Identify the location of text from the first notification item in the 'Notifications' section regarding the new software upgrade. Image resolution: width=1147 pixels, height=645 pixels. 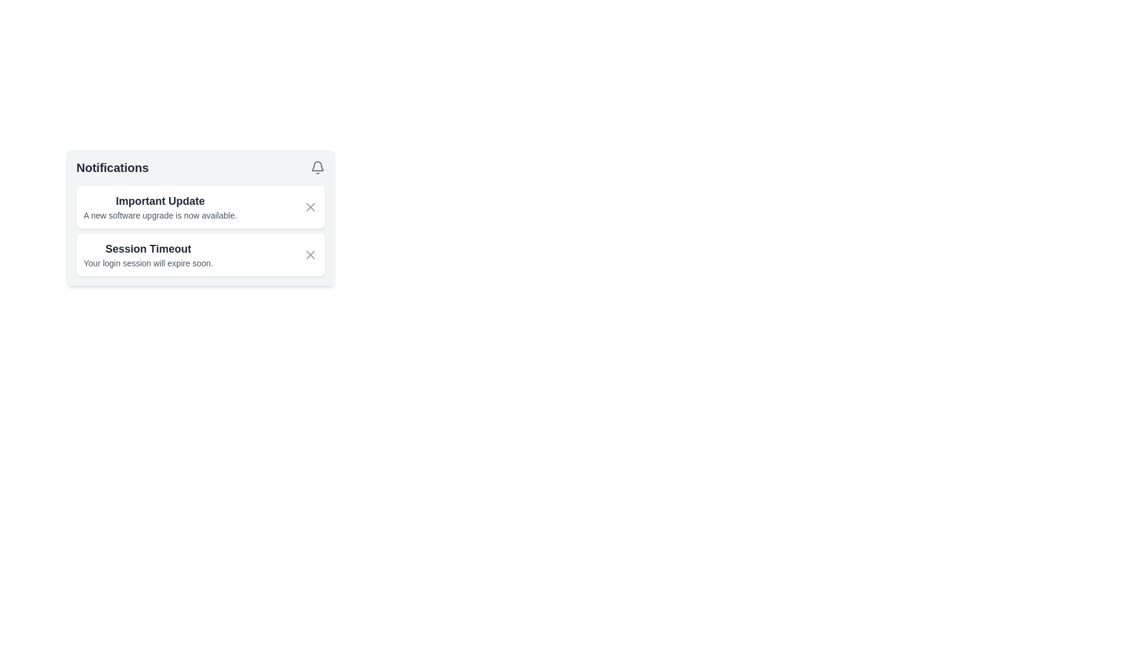
(160, 207).